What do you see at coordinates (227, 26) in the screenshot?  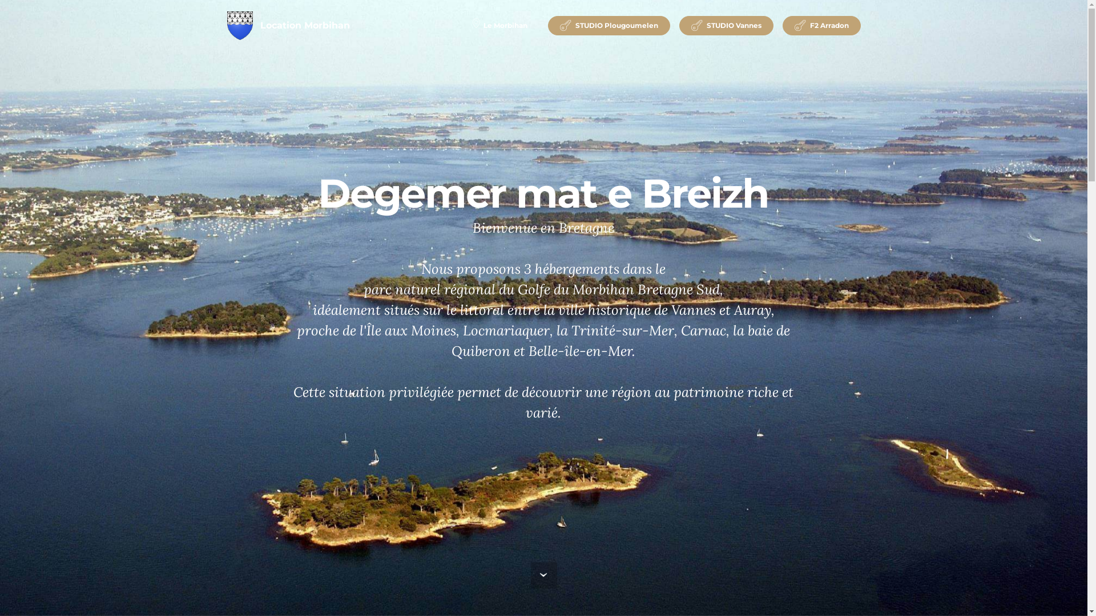 I see `'Location Morbihan'` at bounding box center [227, 26].